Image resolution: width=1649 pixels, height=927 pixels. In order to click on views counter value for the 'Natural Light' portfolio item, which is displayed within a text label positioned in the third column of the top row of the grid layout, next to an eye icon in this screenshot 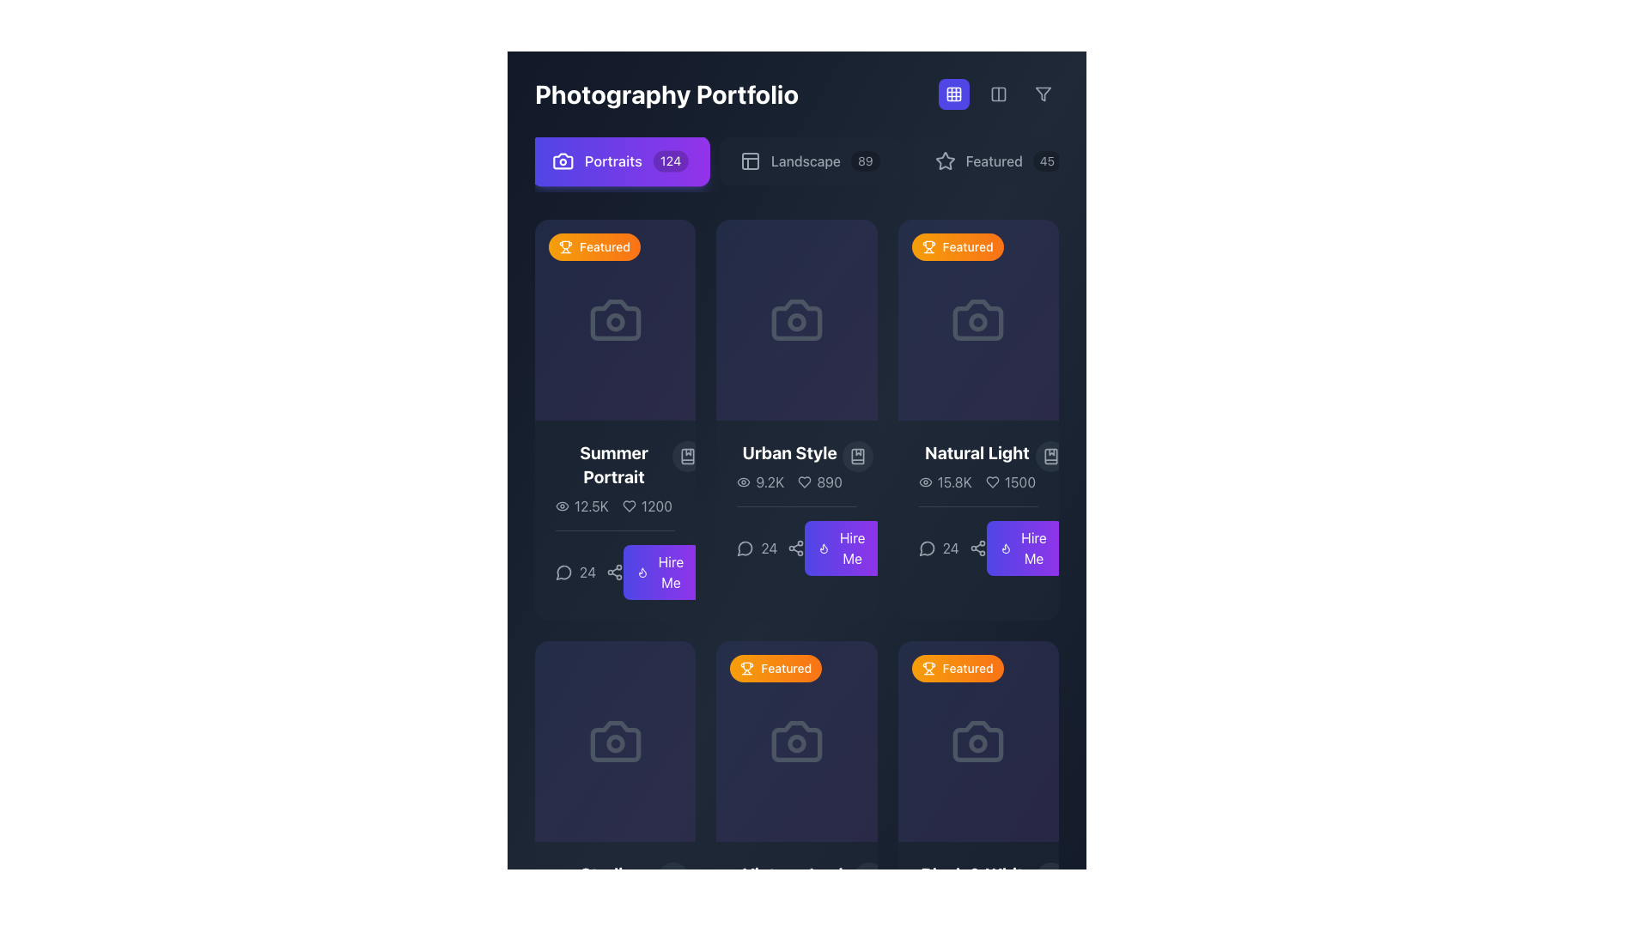, I will do `click(953, 482)`.